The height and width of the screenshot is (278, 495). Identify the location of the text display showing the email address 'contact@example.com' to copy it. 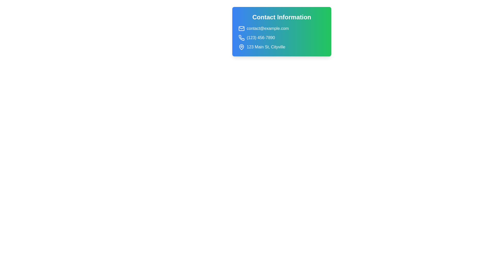
(267, 29).